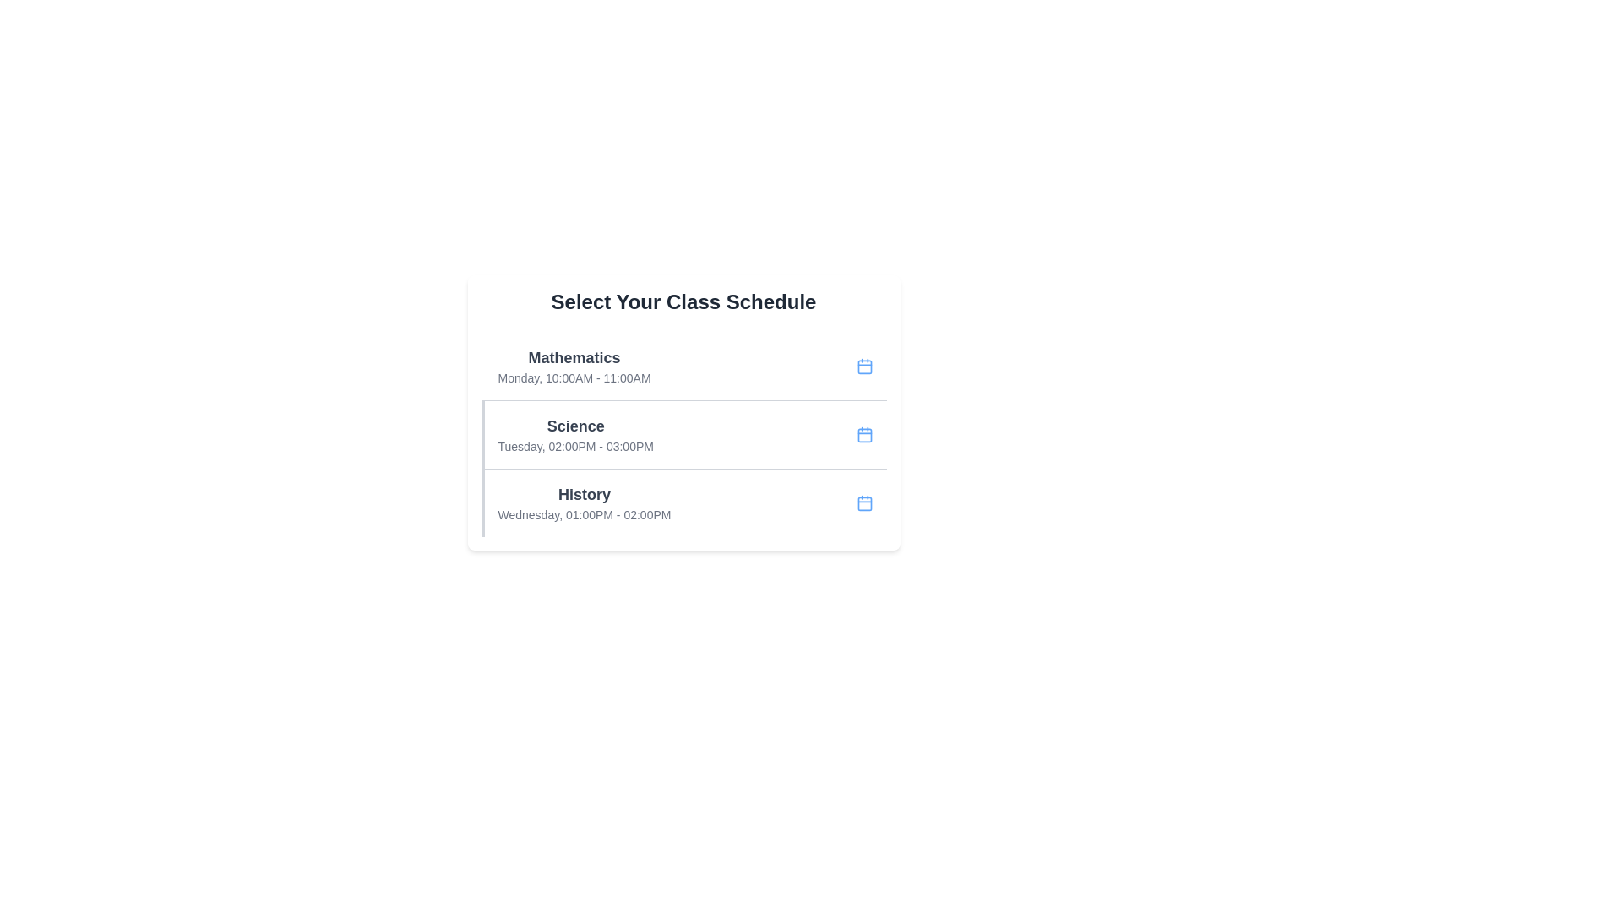 Image resolution: width=1622 pixels, height=912 pixels. I want to click on the text label displaying the day and time of the 'Mathematics' class, which is located directly below the 'Mathematics' title in the schedule list, so click(574, 377).